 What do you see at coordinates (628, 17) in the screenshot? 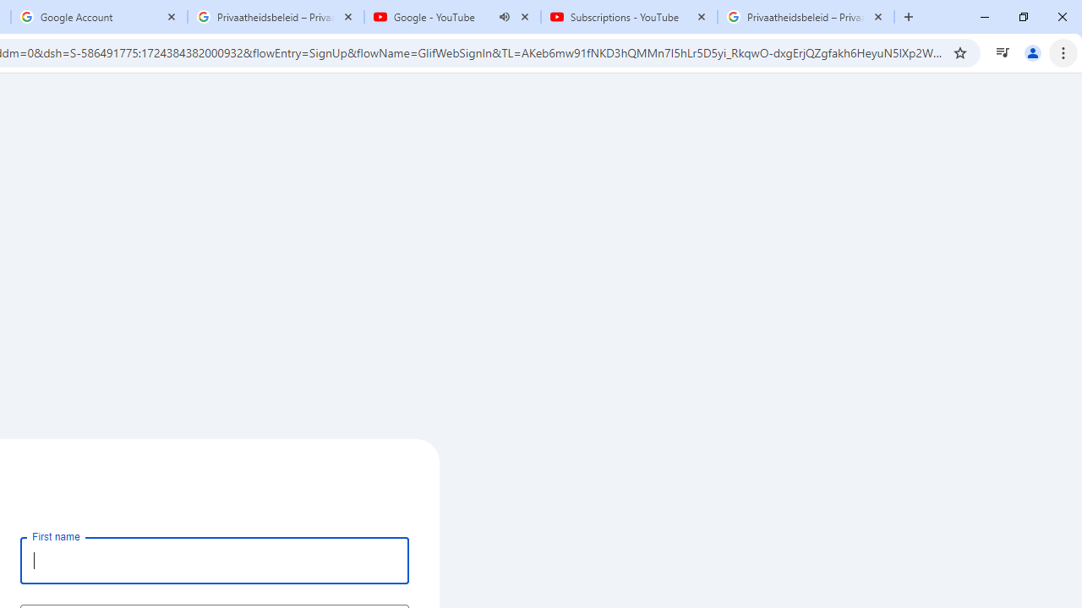
I see `'Subscriptions - YouTube'` at bounding box center [628, 17].